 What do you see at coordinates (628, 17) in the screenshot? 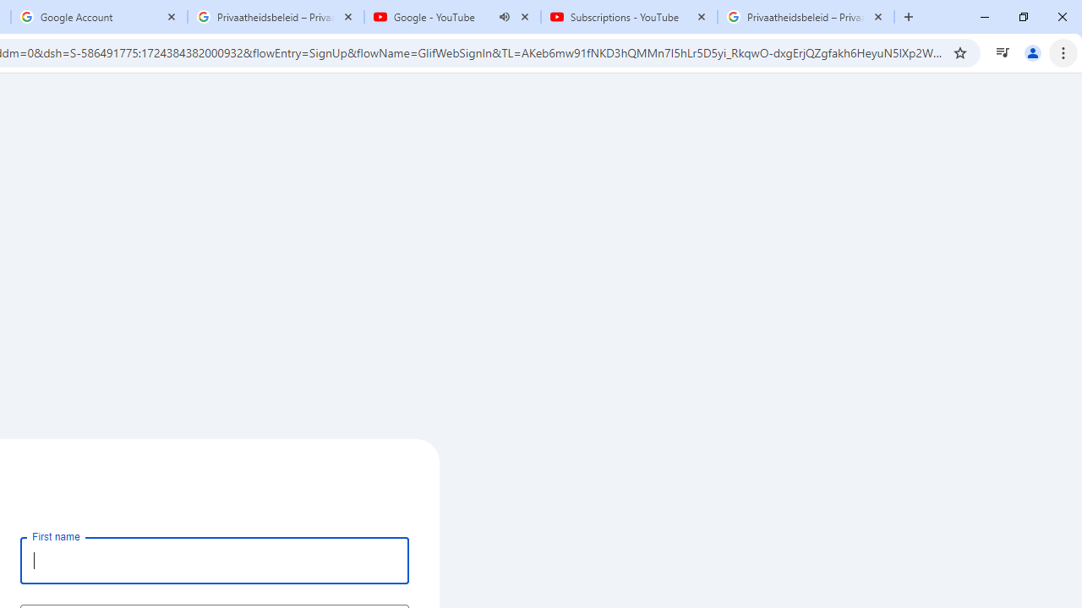
I see `'Subscriptions - YouTube'` at bounding box center [628, 17].